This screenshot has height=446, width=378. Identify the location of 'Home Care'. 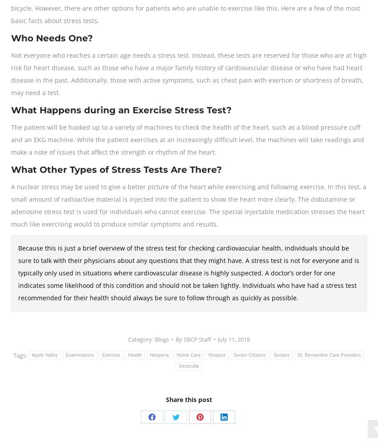
(188, 355).